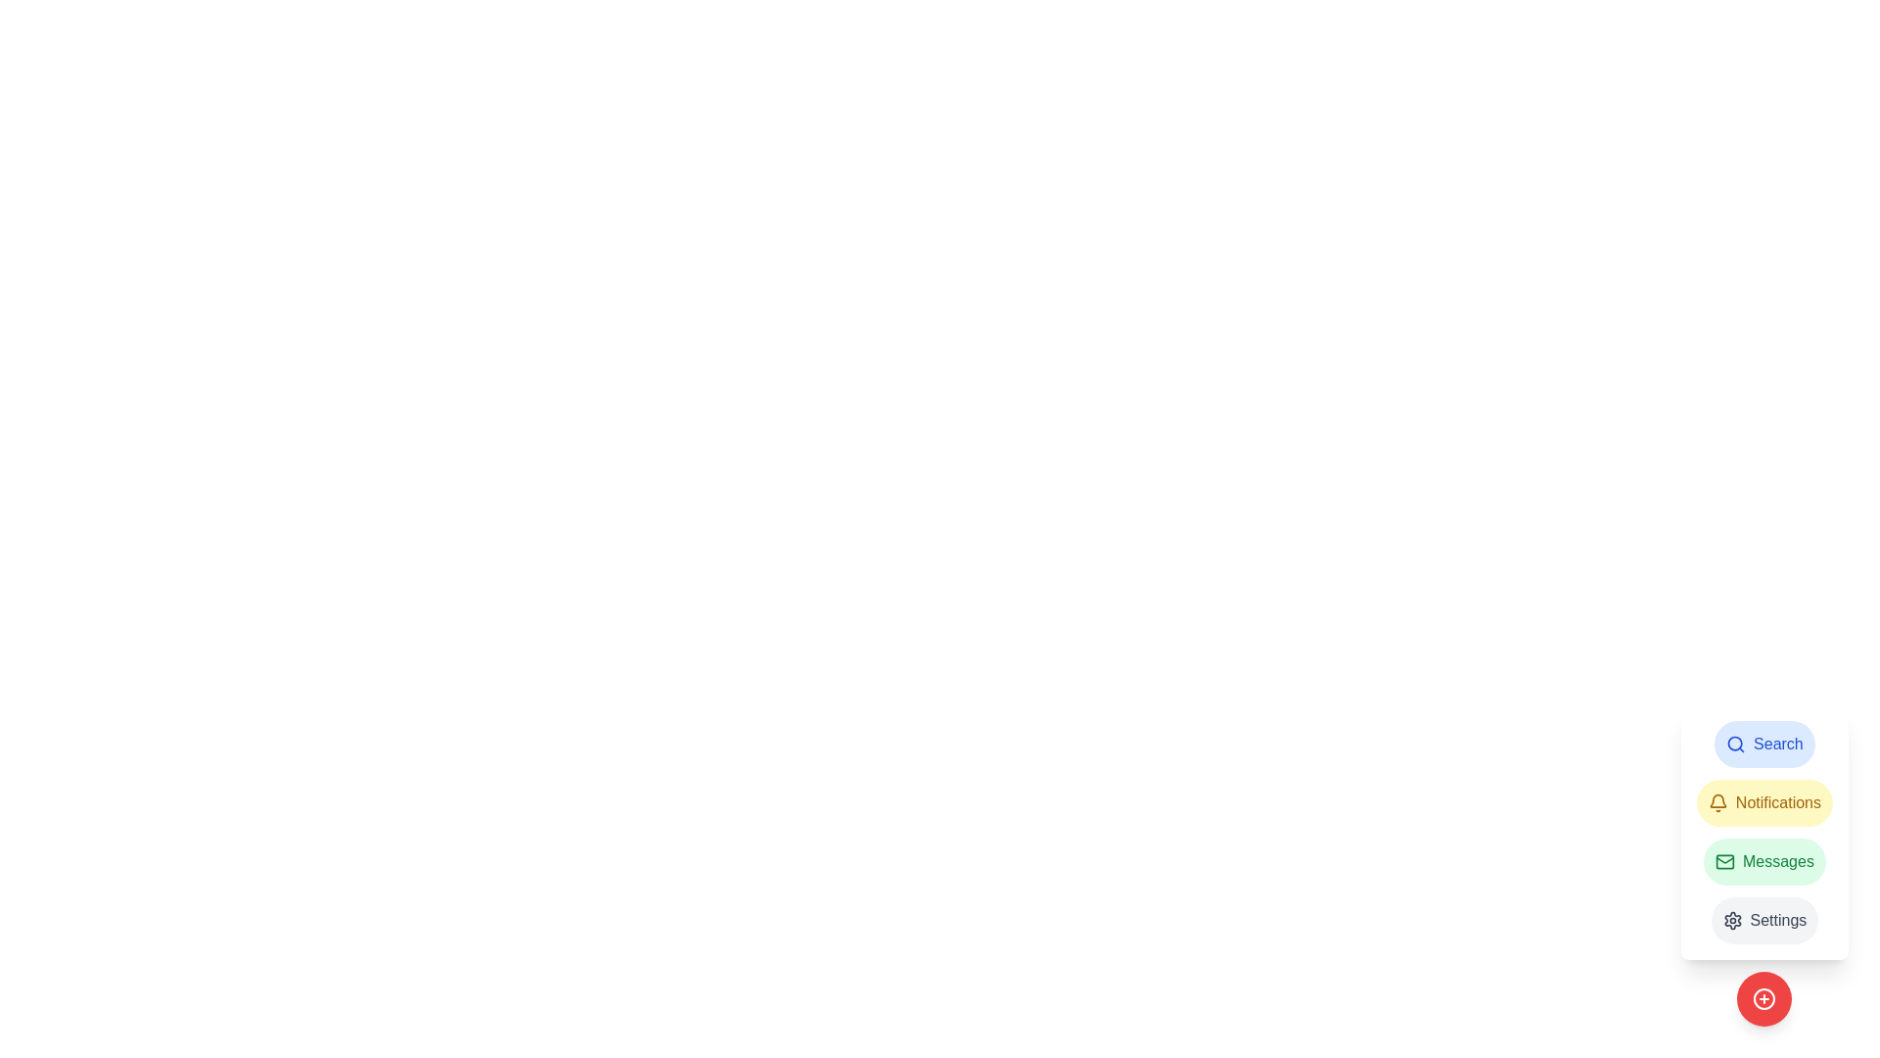 The height and width of the screenshot is (1058, 1880). What do you see at coordinates (1764, 803) in the screenshot?
I see `the yellow rectangular button labeled 'Notifications' with a bell icon` at bounding box center [1764, 803].